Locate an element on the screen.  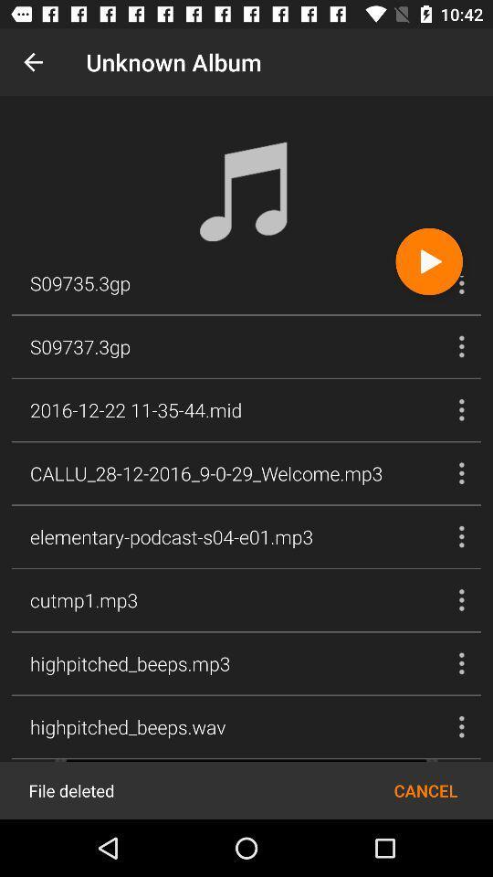
the more options button above cancel option is located at coordinates (460, 727).